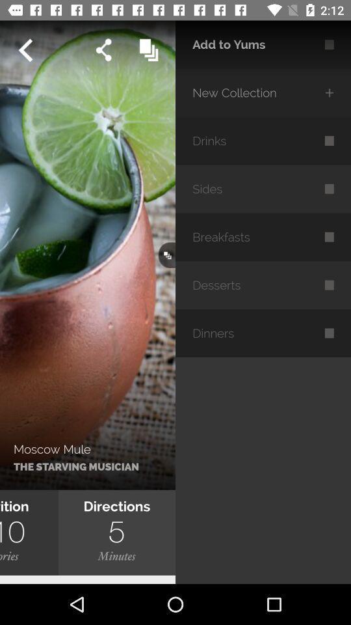 This screenshot has width=351, height=625. Describe the element at coordinates (103, 50) in the screenshot. I see `share` at that location.